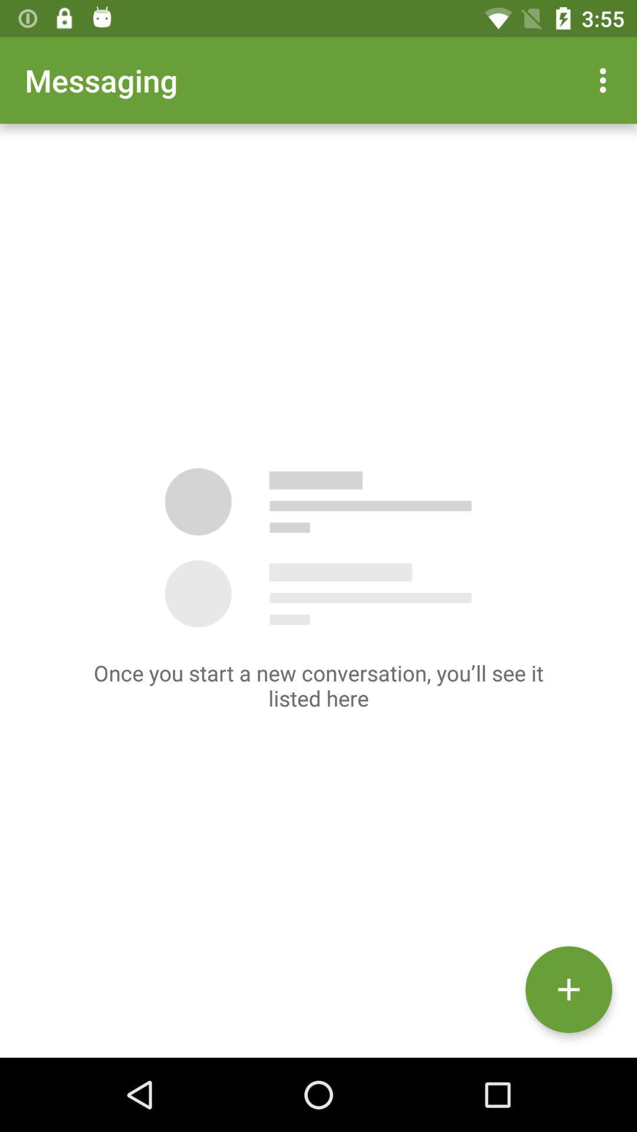  Describe the element at coordinates (606, 80) in the screenshot. I see `item at the top right corner` at that location.